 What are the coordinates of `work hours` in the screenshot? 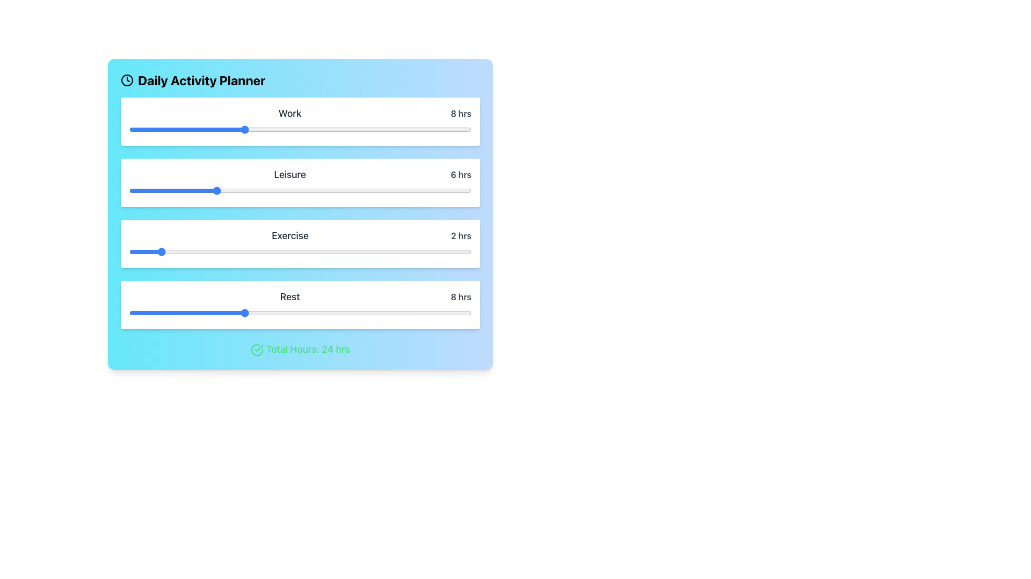 It's located at (272, 129).